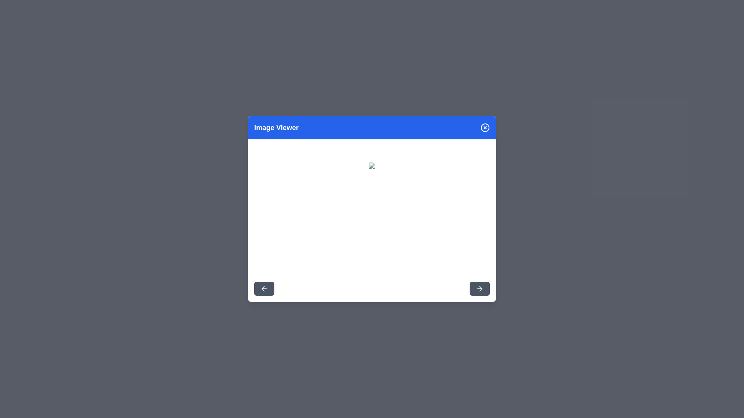 Image resolution: width=744 pixels, height=418 pixels. I want to click on the left arrow button to navigate to the previous image, so click(264, 288).